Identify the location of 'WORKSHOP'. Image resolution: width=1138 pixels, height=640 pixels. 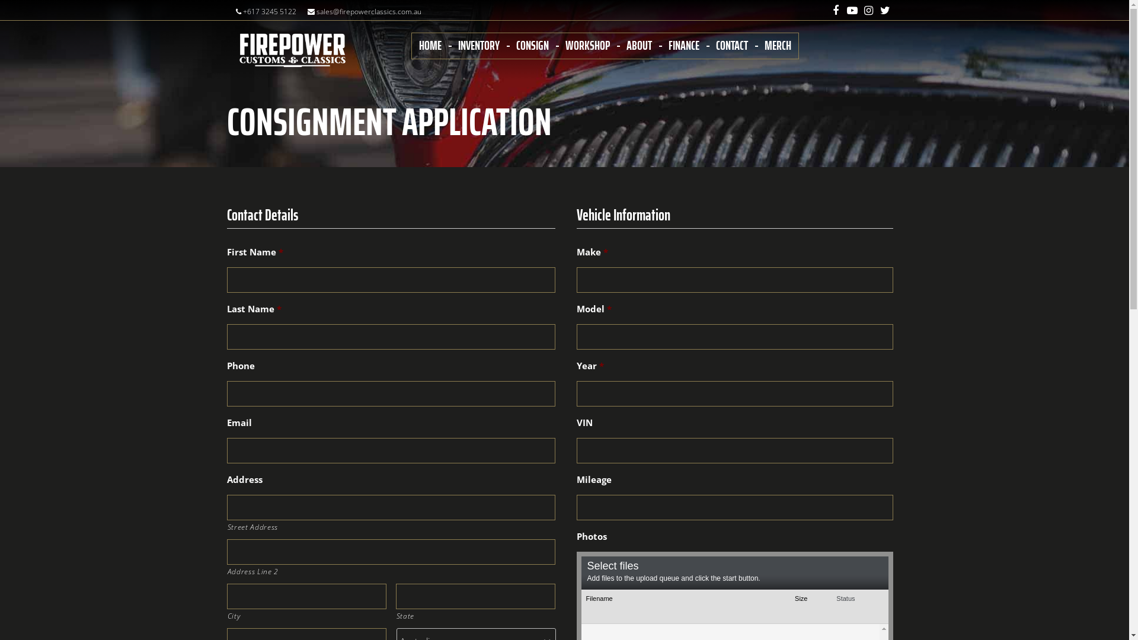
(587, 44).